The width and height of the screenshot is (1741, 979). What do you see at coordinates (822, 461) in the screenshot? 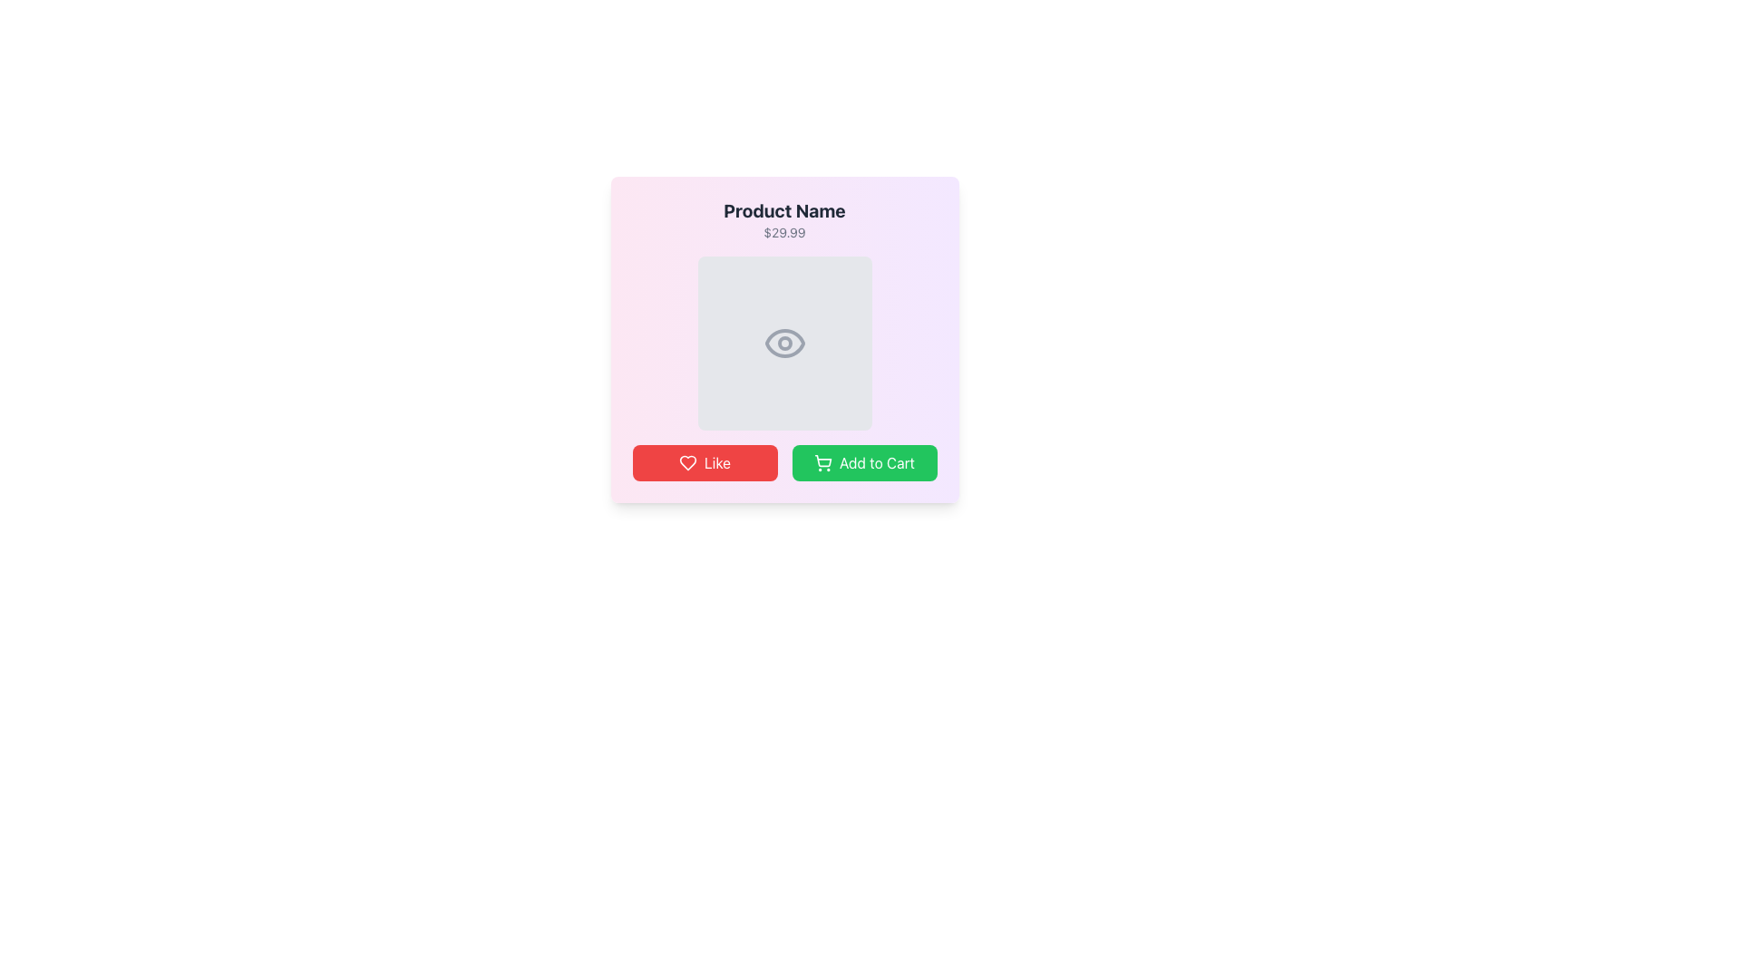
I see `the shopping cart icon located inside the 'Add to Cart' button, which is positioned to the left of the text 'Add to Cart'` at bounding box center [822, 461].